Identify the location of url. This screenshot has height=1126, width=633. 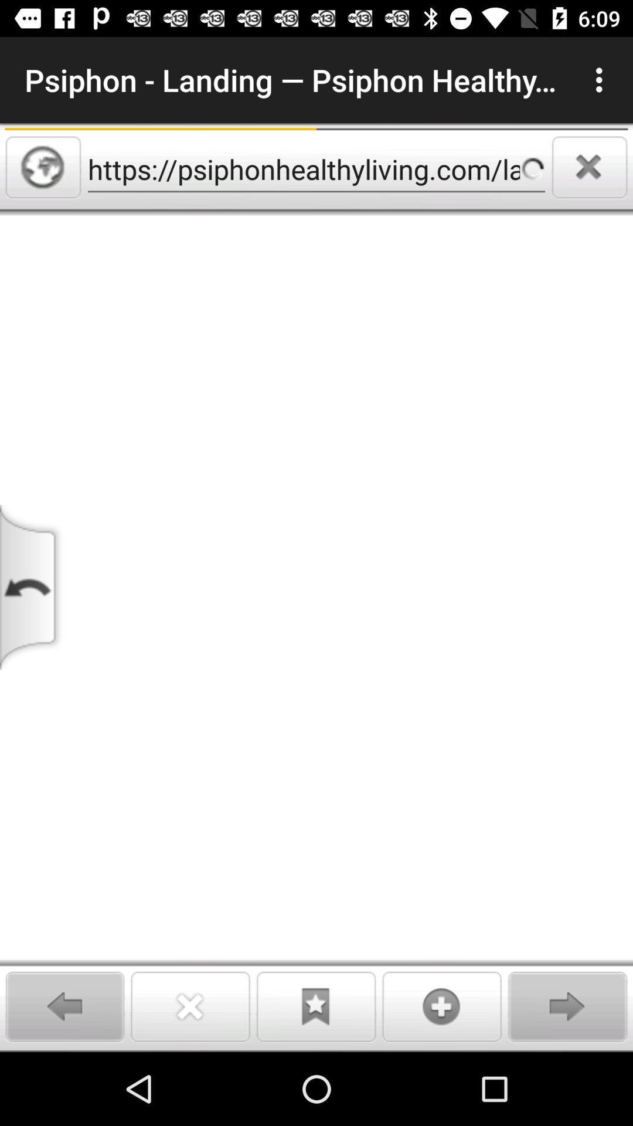
(42, 167).